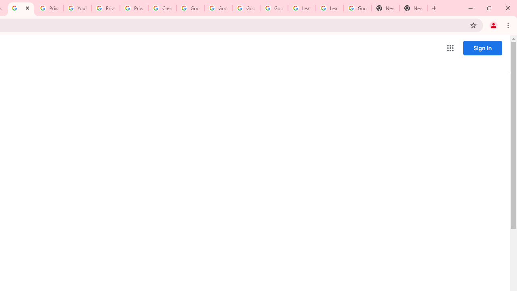  I want to click on 'Create your Google Account', so click(162, 8).